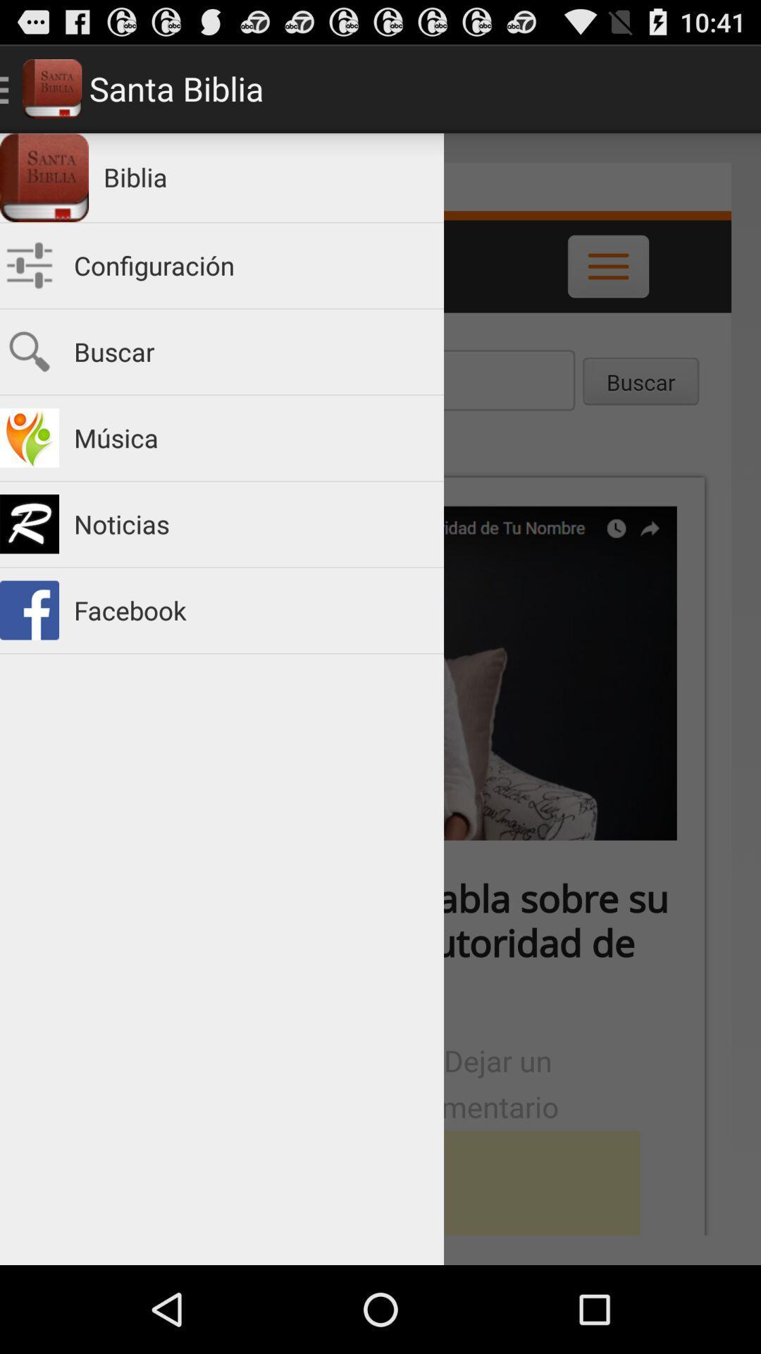 The width and height of the screenshot is (761, 1354). I want to click on facebook, so click(251, 610).